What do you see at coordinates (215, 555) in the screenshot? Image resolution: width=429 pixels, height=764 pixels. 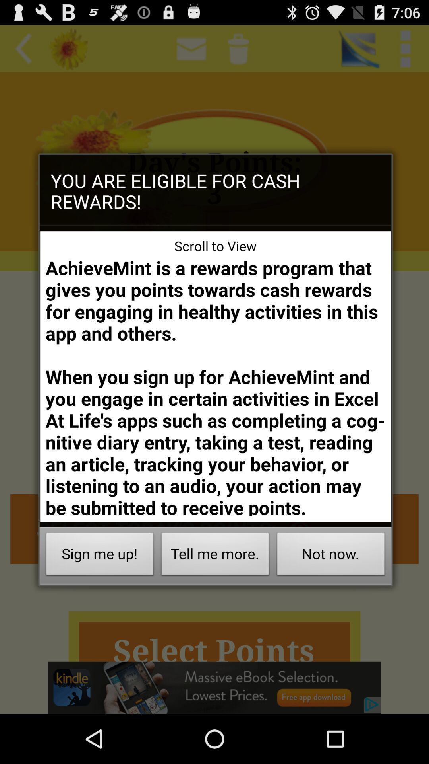 I see `tell me more. button` at bounding box center [215, 555].